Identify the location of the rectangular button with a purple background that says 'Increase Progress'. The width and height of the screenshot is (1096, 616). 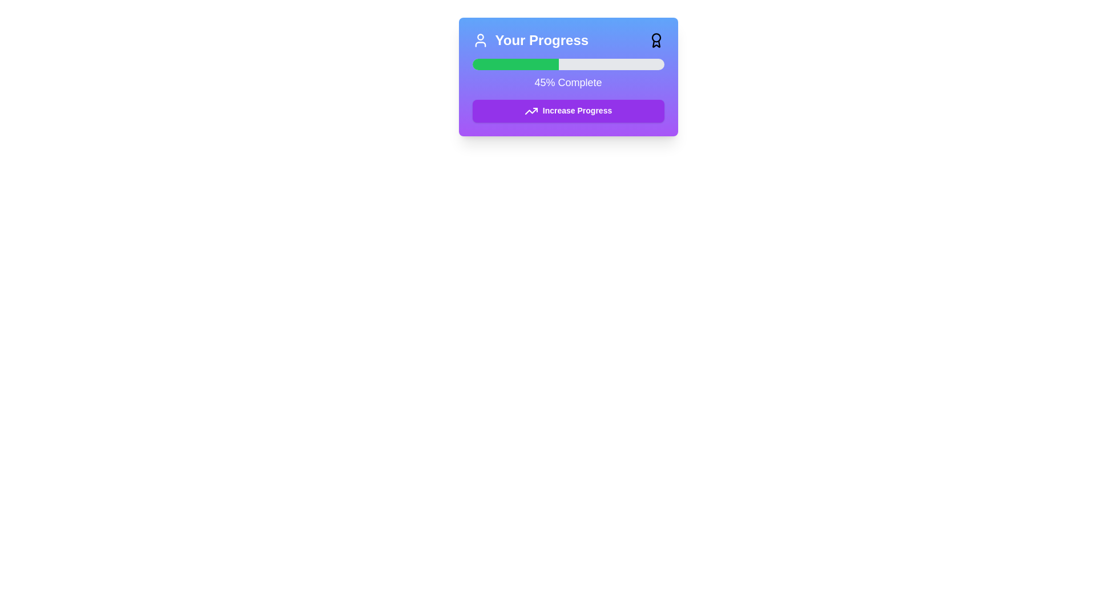
(568, 111).